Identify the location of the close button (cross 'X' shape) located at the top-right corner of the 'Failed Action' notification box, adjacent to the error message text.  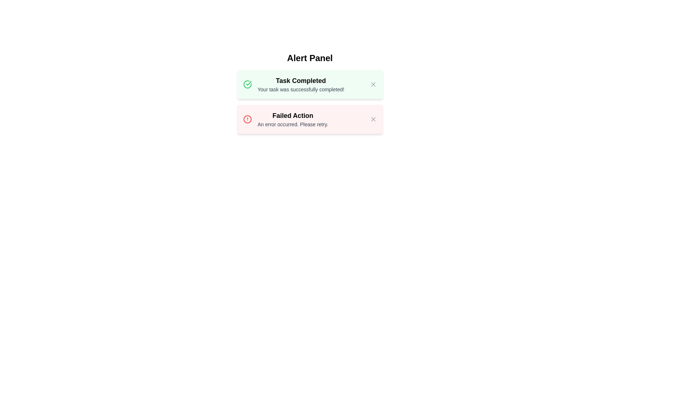
(373, 119).